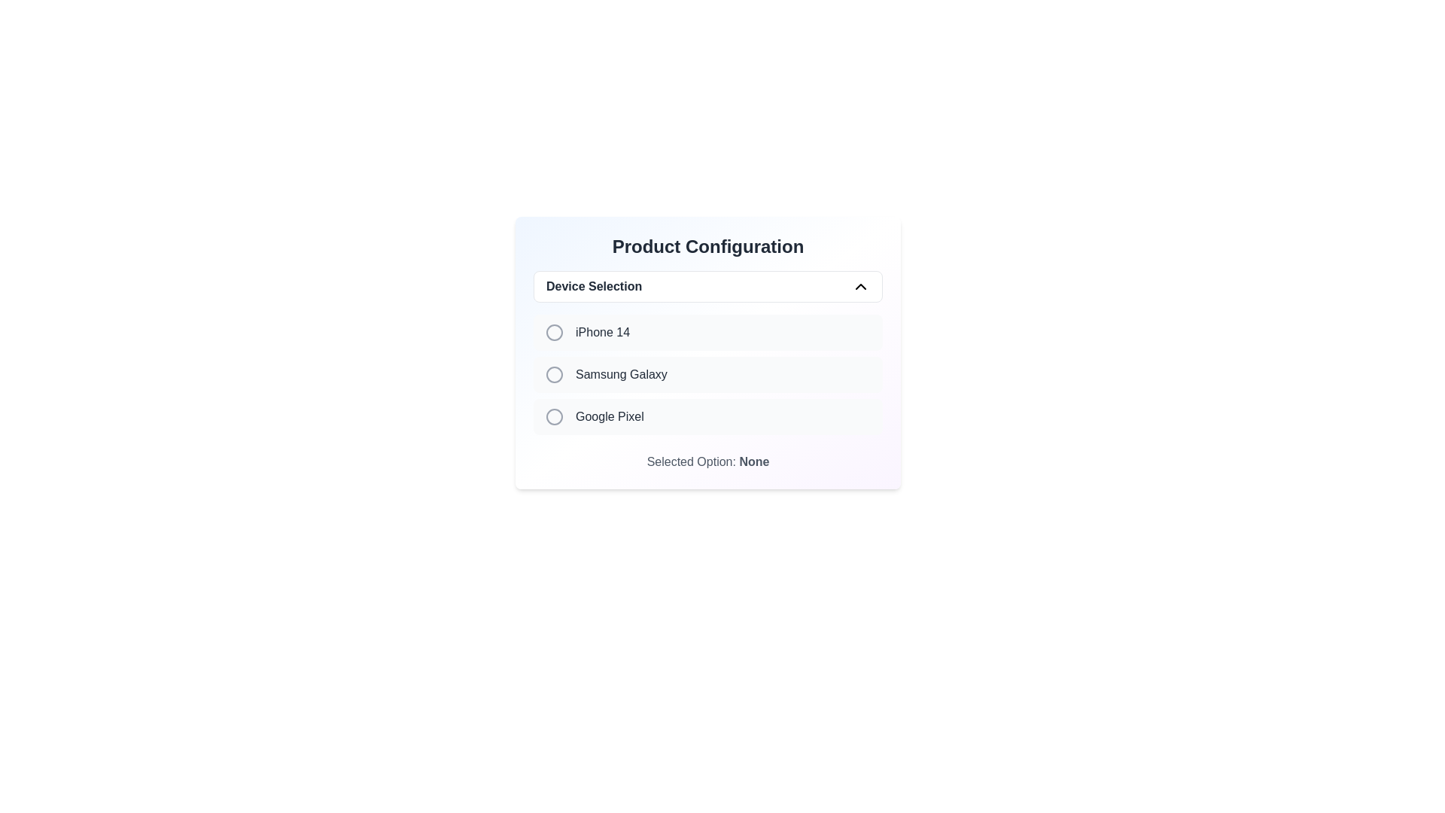  I want to click on the first radio button in the 'Device Selection' section under the 'Product Configuration' card, so click(554, 332).